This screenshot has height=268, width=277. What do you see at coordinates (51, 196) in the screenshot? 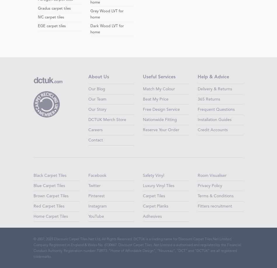
I see `'Brown Carpet Tiles'` at bounding box center [51, 196].